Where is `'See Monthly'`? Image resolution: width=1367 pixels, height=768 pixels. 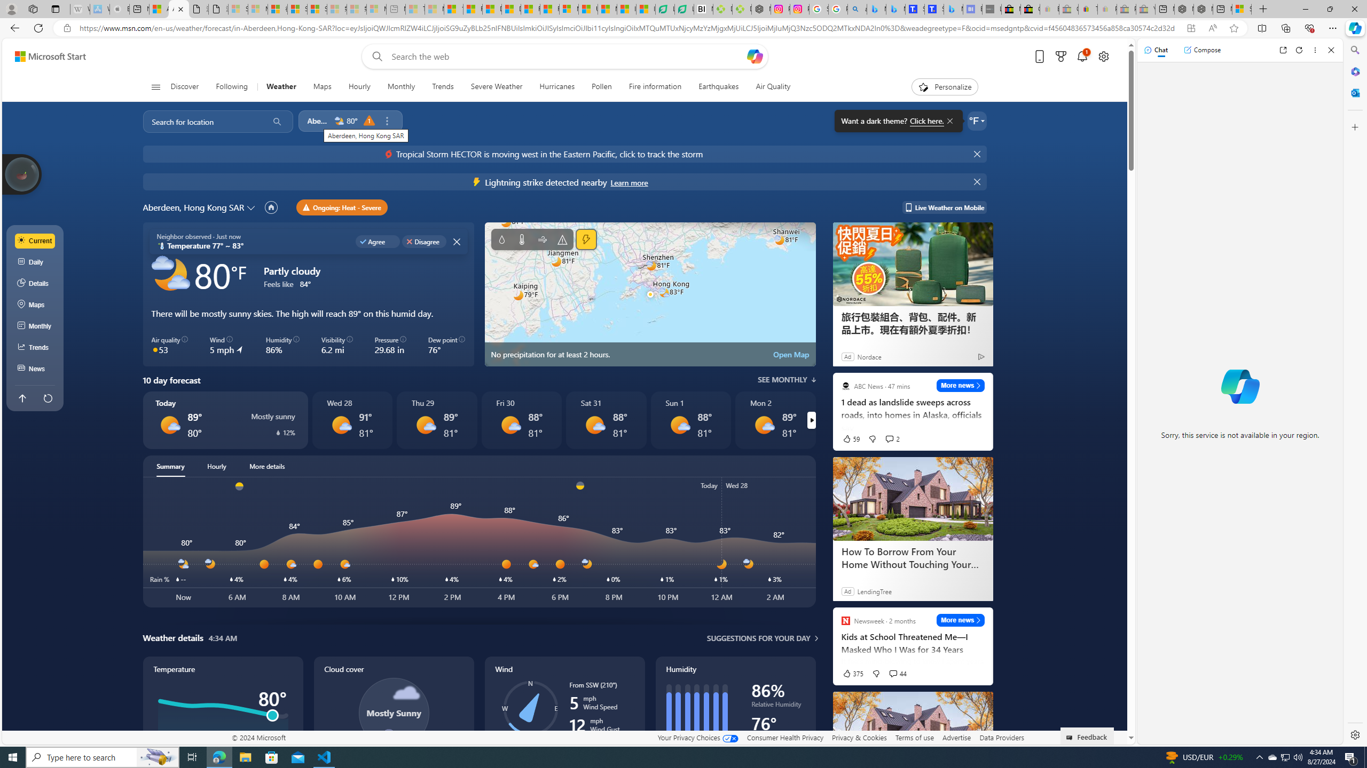
'See Monthly' is located at coordinates (786, 380).